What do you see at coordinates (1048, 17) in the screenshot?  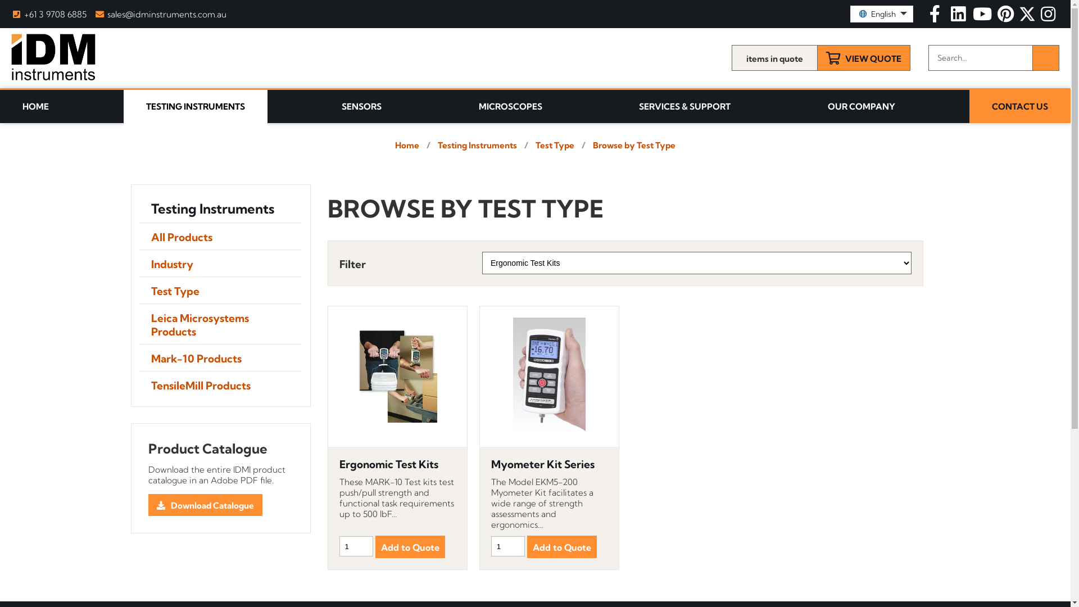 I see `' '` at bounding box center [1048, 17].